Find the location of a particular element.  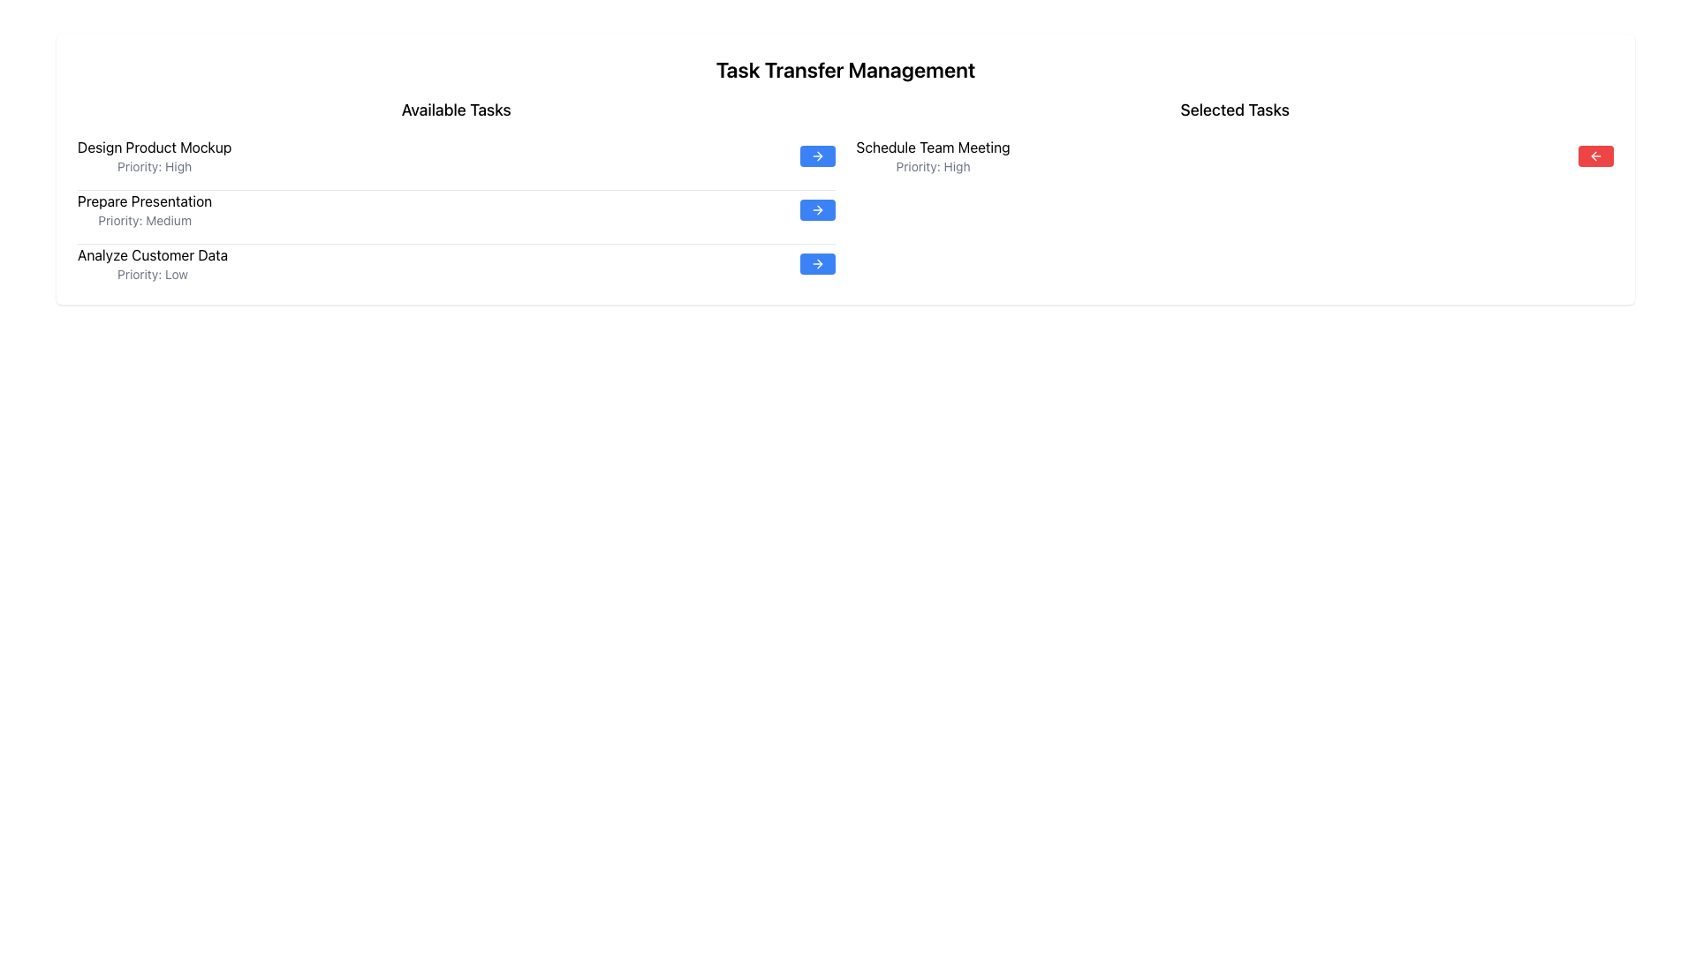

the topmost entry in the 'Selected Tasks' column under the 'Task Transfer Management' interface is located at coordinates (932, 155).